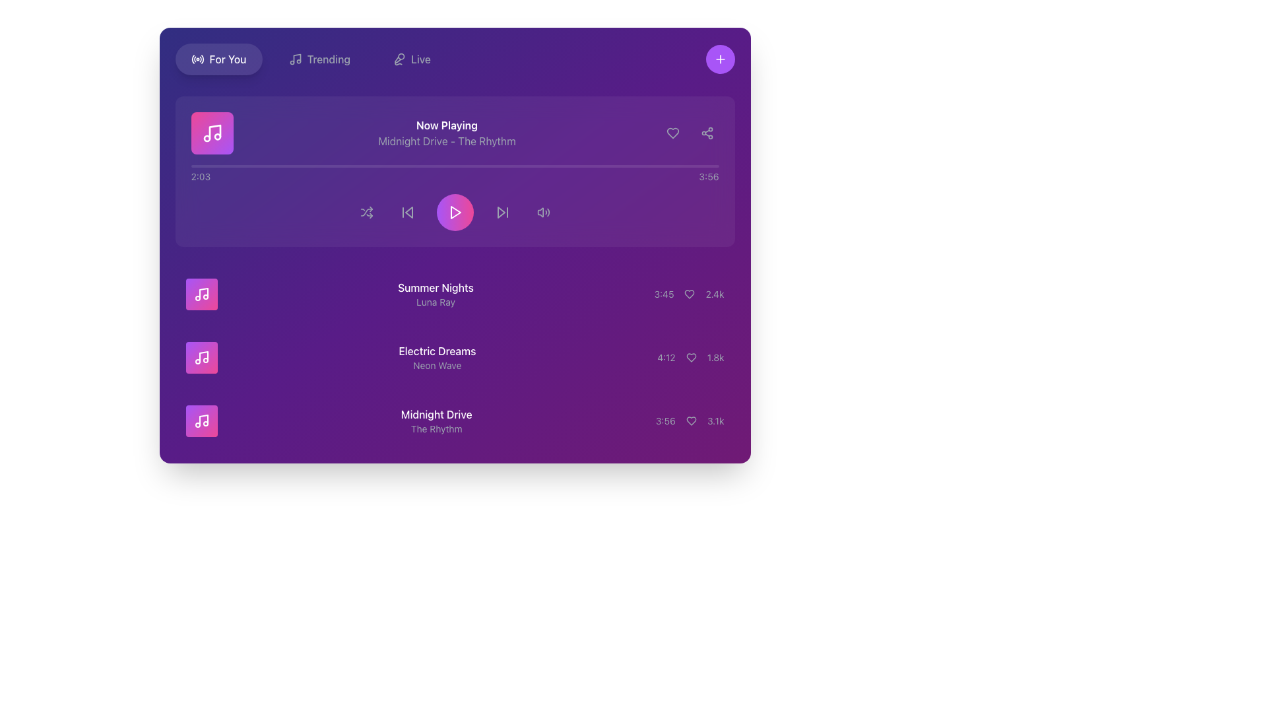 The image size is (1267, 713). Describe the element at coordinates (715, 421) in the screenshot. I see `the text label displaying '3.1k', which is styled with a light color on a dark background and is located next to the heart icon on the right side of the last row in the list` at that location.